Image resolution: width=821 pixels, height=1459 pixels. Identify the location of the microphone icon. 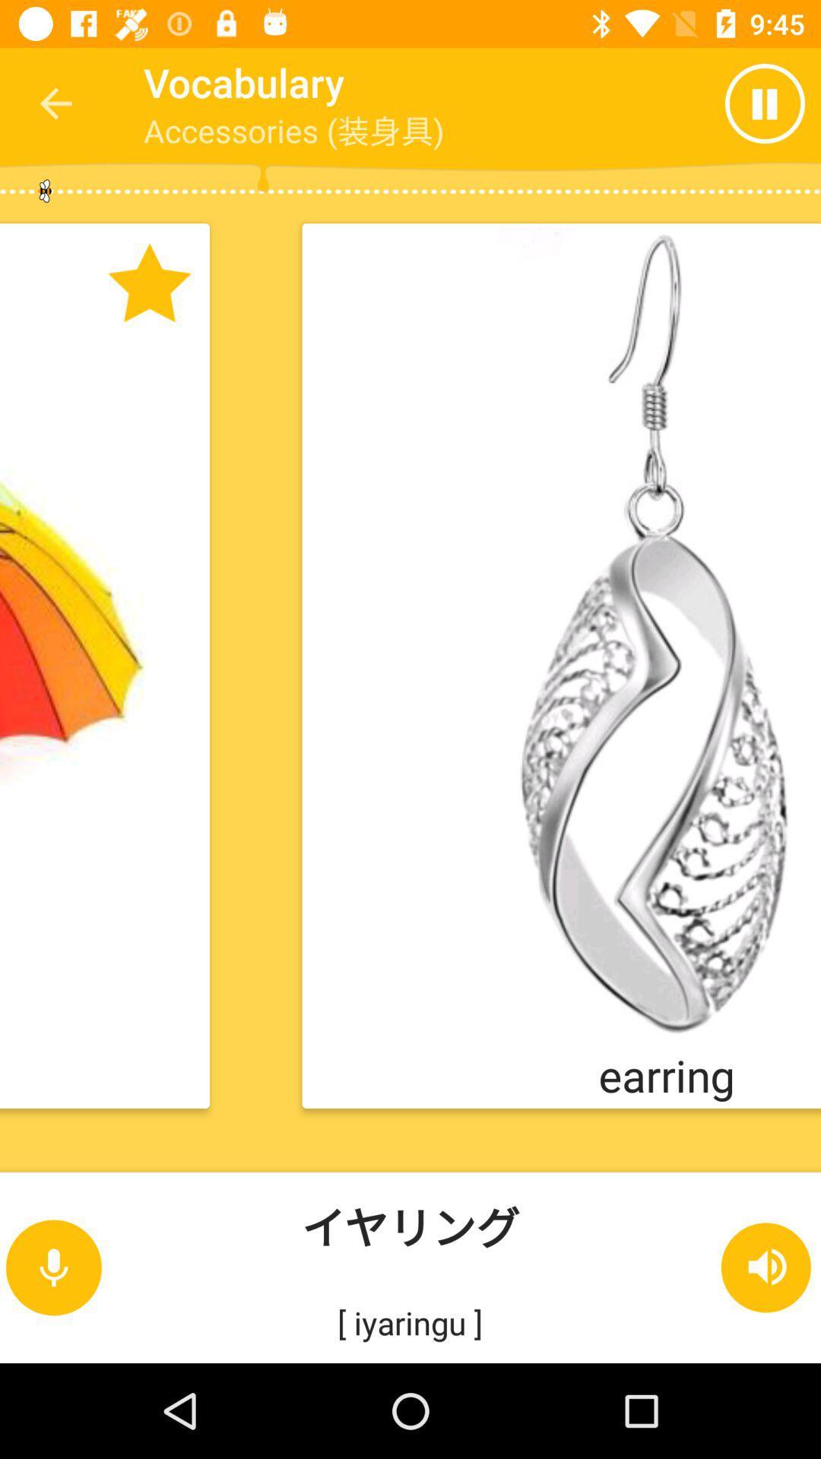
(52, 1268).